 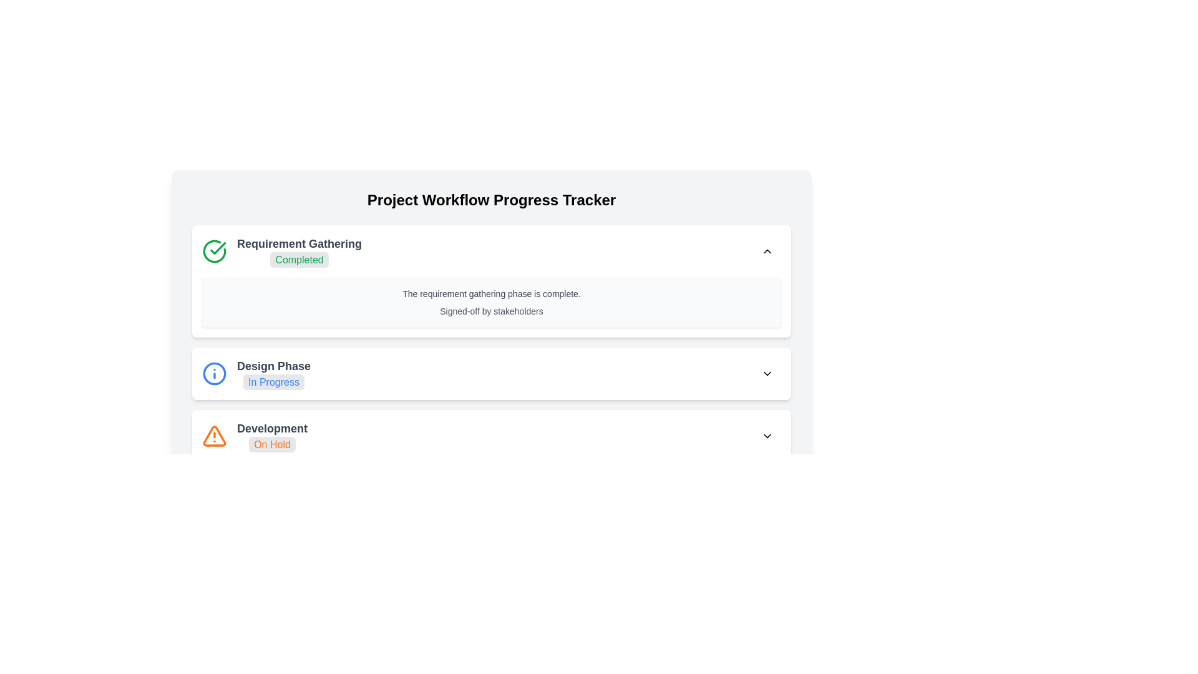 I want to click on the SVG circle that represents the 'Design Phase' section icon, which is decorative and communicative in nature, so click(x=215, y=373).